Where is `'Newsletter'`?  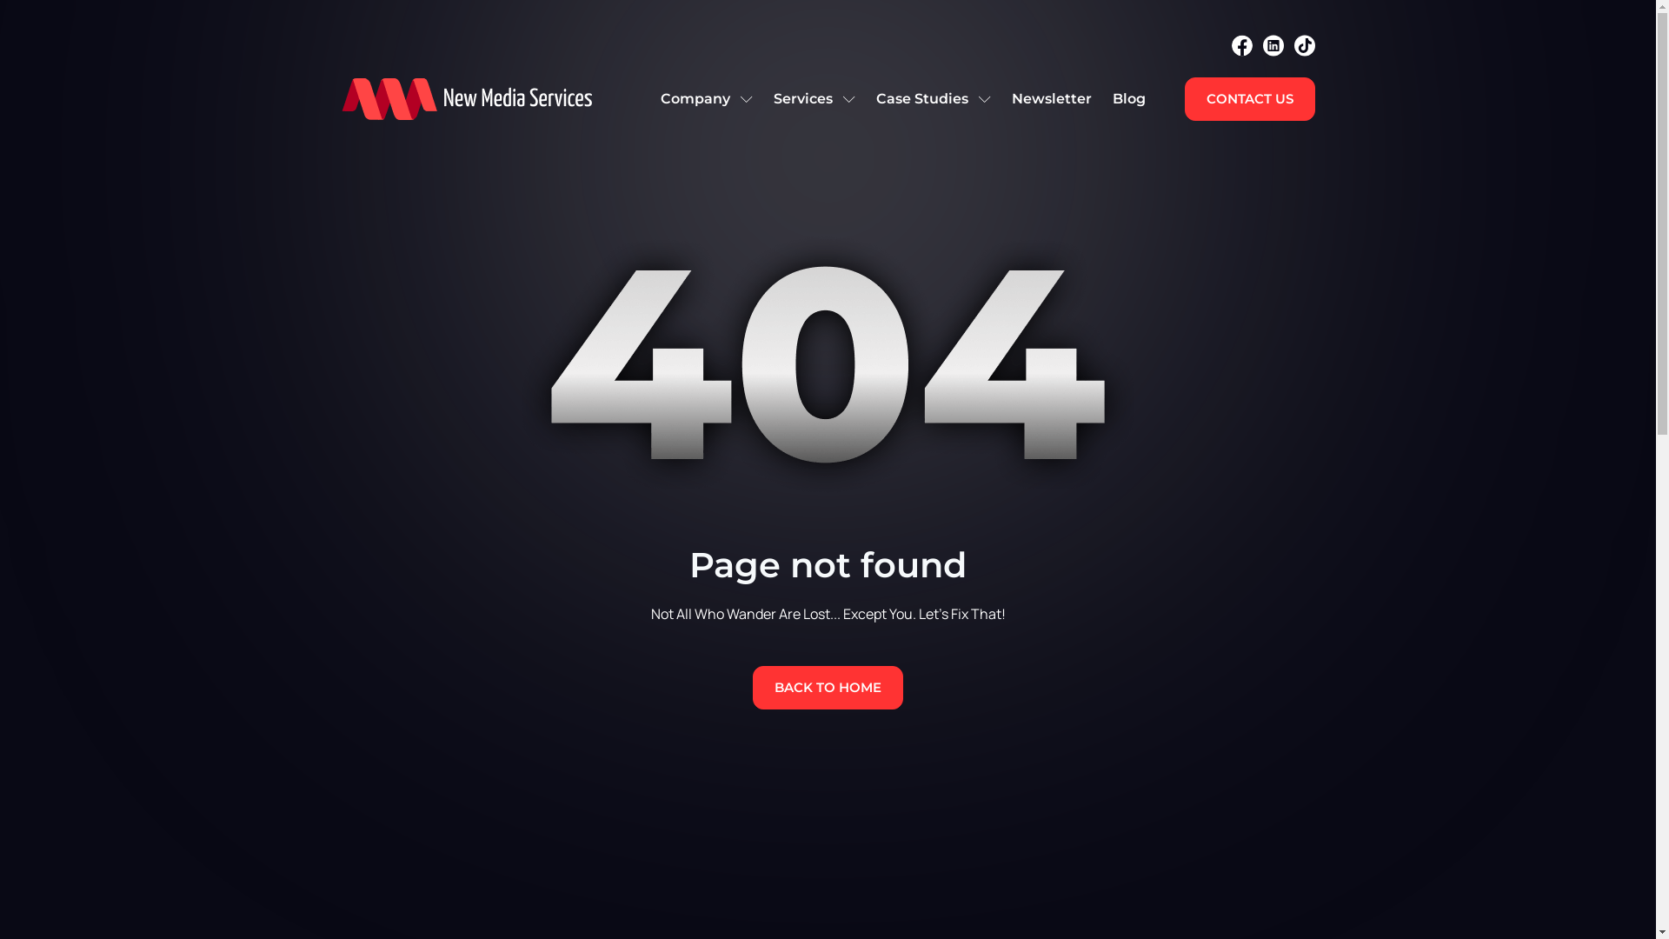
'Newsletter' is located at coordinates (1050, 99).